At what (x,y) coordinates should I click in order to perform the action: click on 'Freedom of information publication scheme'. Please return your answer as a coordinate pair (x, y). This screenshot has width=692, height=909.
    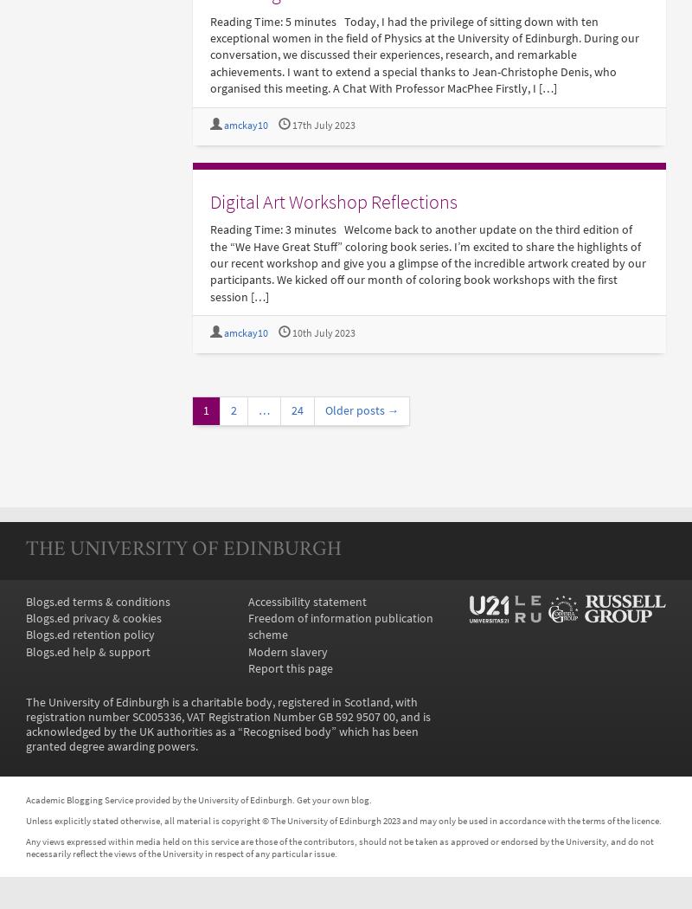
    Looking at the image, I should click on (338, 625).